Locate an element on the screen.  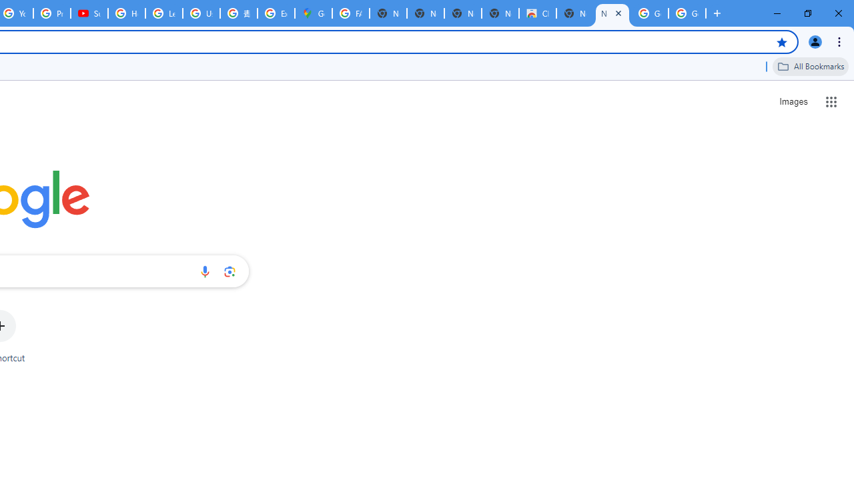
'How Chrome protects your passwords - Google Chrome Help' is located at coordinates (127, 13).